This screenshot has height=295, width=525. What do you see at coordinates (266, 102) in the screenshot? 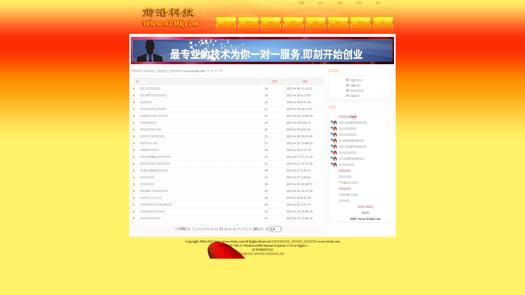
I see `'24'` at bounding box center [266, 102].